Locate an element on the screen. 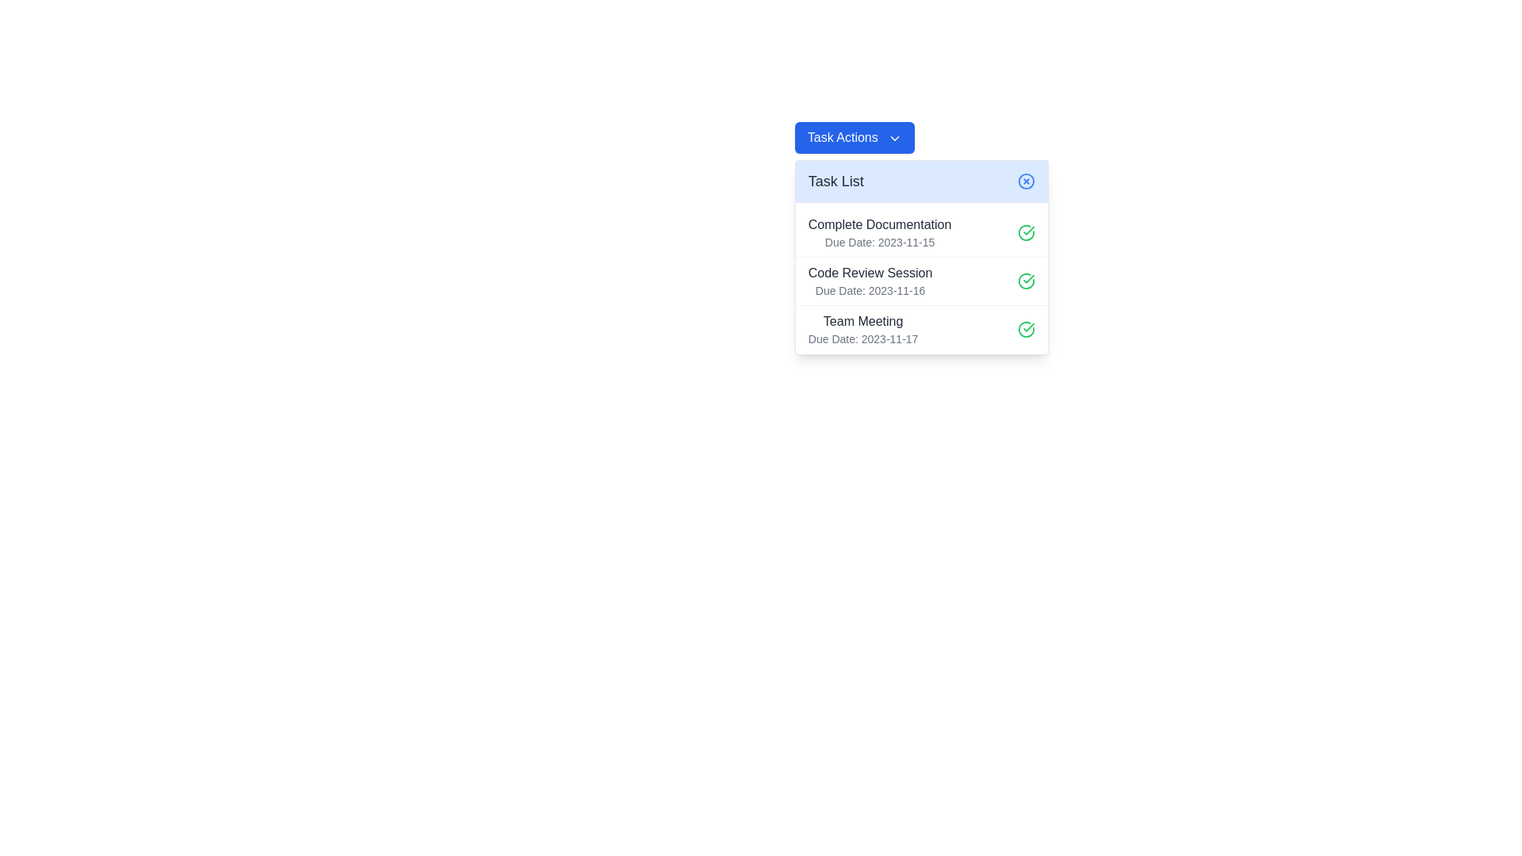 The width and height of the screenshot is (1522, 856). downward-pointing chevron arrow icon located within the 'Task Actions' button, positioned to the right of the 'Task Actions' text is located at coordinates (895, 137).